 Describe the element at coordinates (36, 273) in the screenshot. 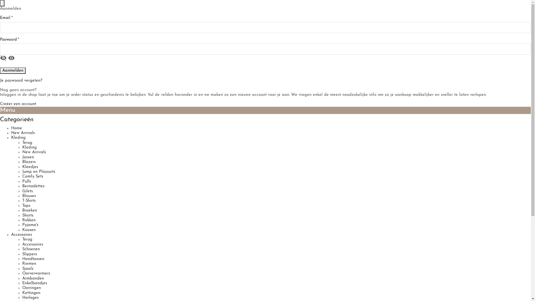

I see `'Oorverwarmers'` at that location.